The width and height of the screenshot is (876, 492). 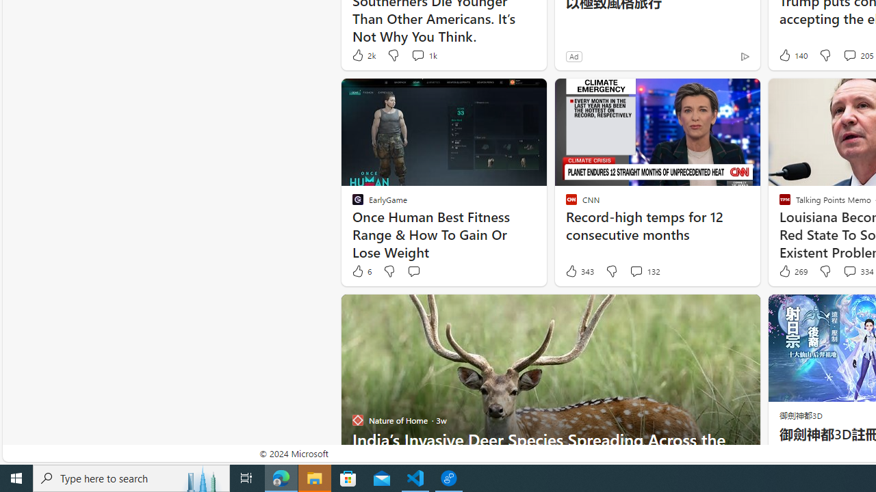 I want to click on 'See more', so click(x=743, y=311).